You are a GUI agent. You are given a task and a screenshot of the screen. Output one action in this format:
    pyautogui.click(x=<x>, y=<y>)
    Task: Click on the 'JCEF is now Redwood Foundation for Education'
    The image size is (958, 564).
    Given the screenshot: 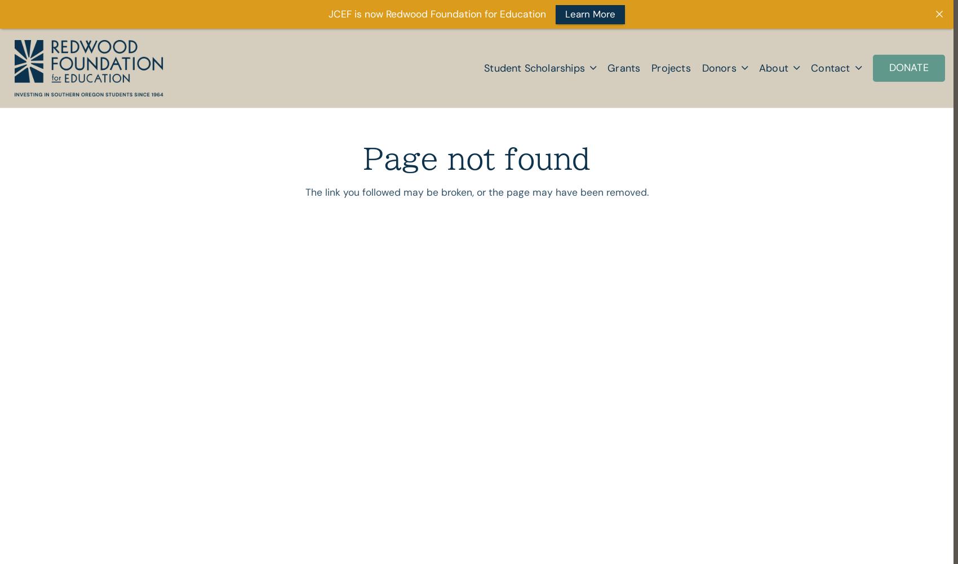 What is the action you would take?
    pyautogui.click(x=437, y=14)
    